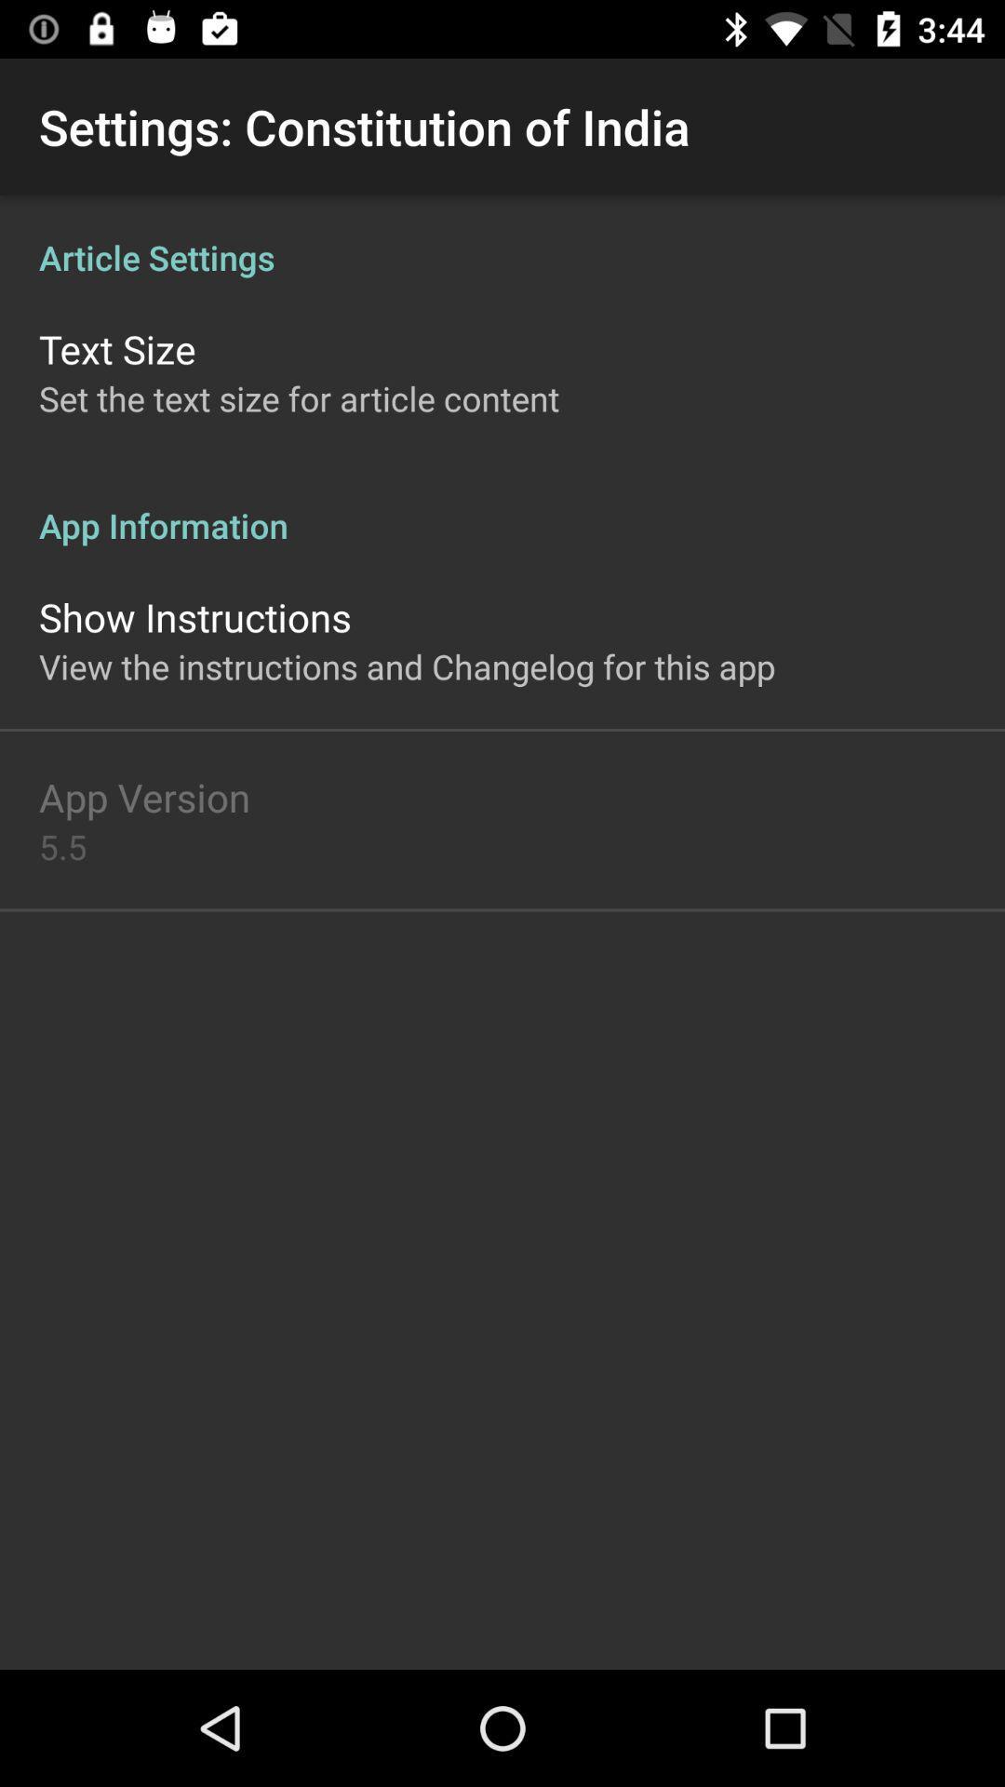  Describe the element at coordinates (502, 505) in the screenshot. I see `the app information` at that location.